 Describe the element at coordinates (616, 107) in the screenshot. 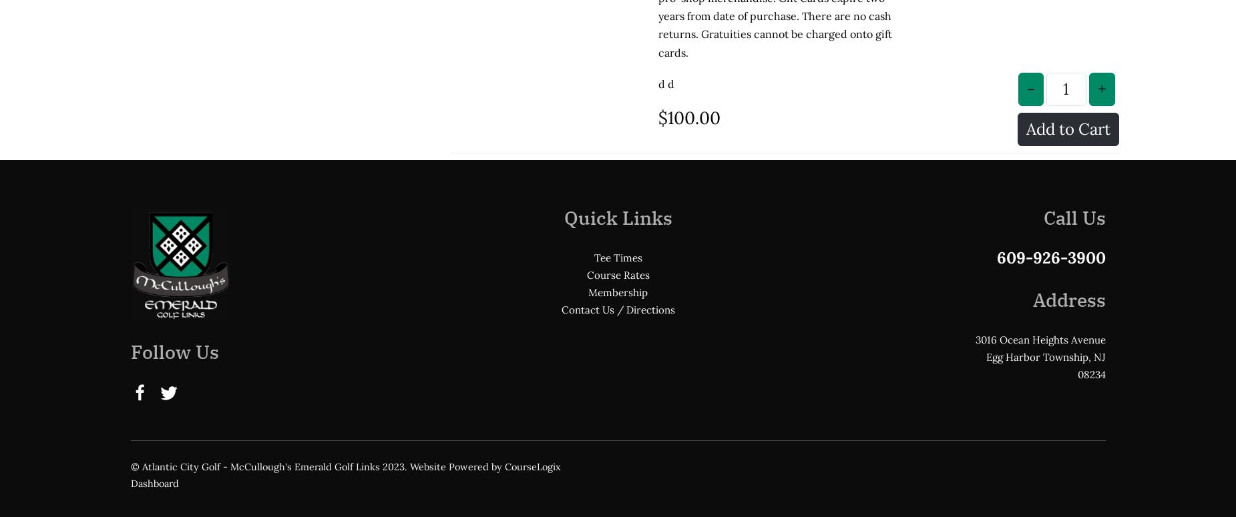

I see `'Quick Links'` at that location.